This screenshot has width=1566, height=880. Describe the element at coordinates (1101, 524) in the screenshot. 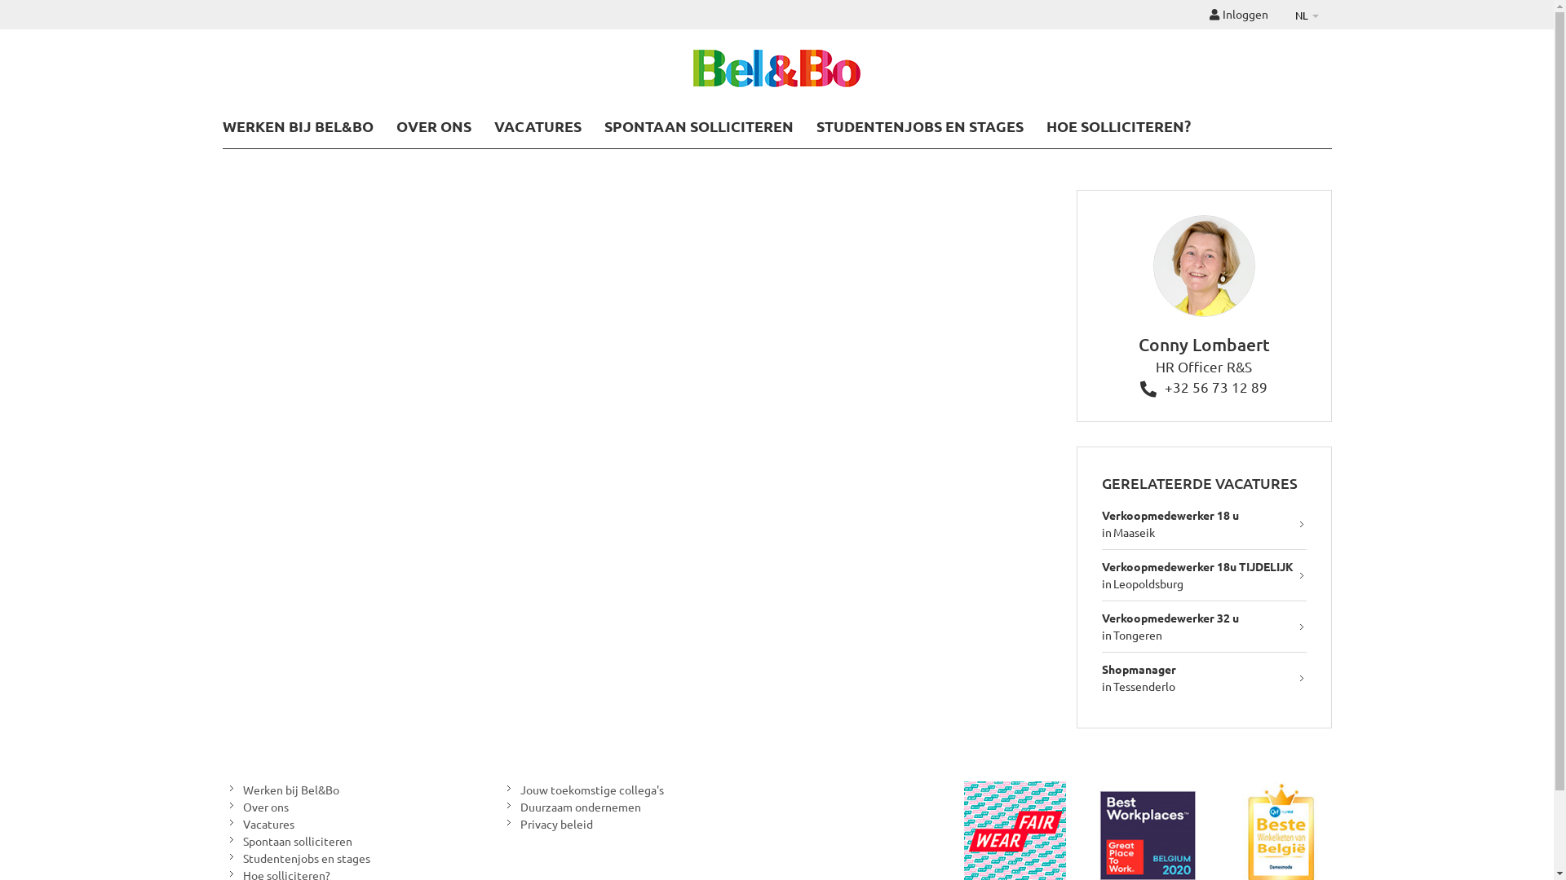

I see `'Verkoopmedewerker 18 u` at that location.